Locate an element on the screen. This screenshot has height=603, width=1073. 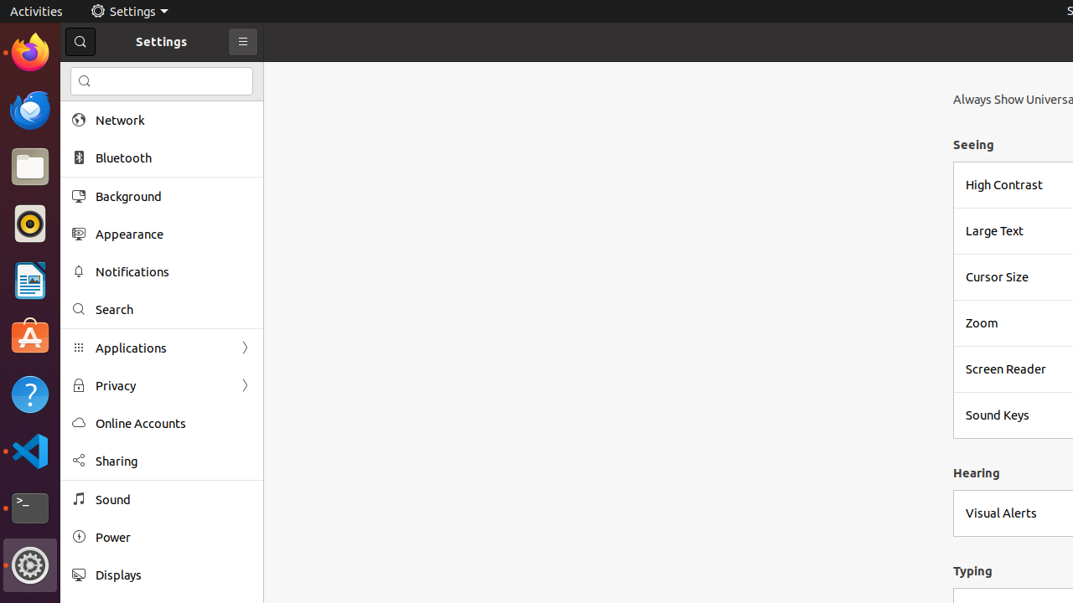
'Bluetooth' is located at coordinates (173, 157).